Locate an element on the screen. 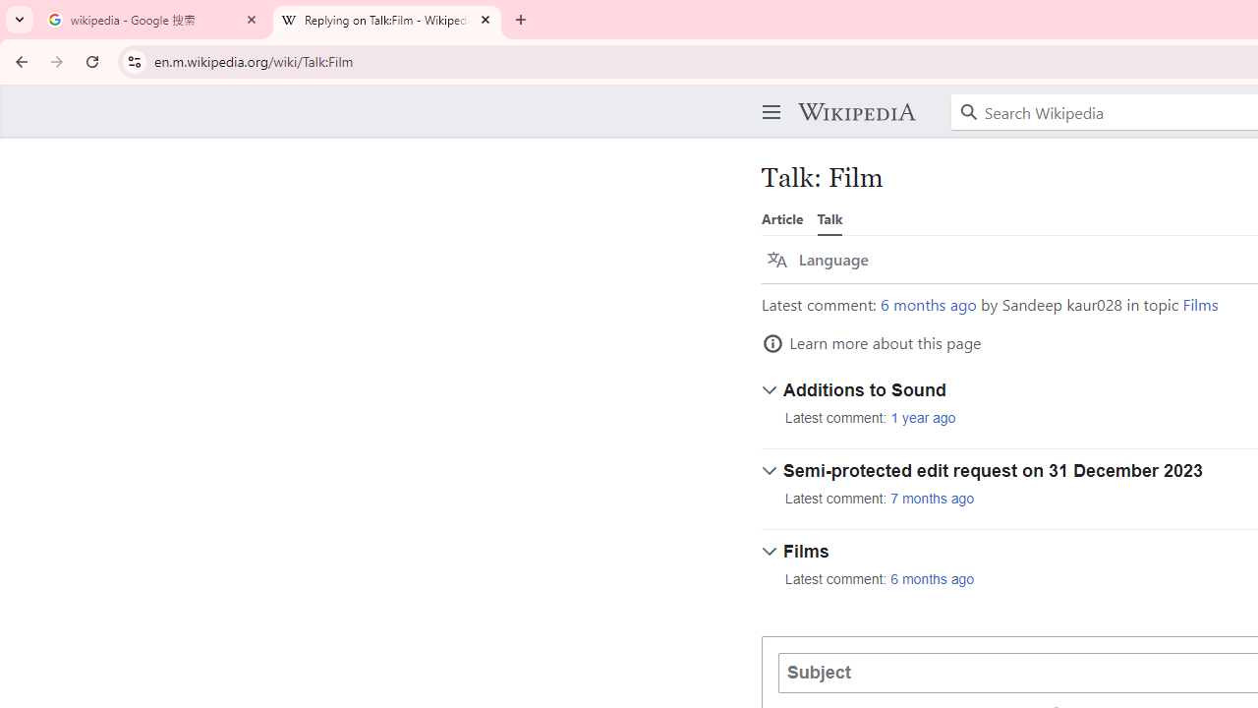 This screenshot has width=1258, height=708. 'Wikipedia' is located at coordinates (856, 112).